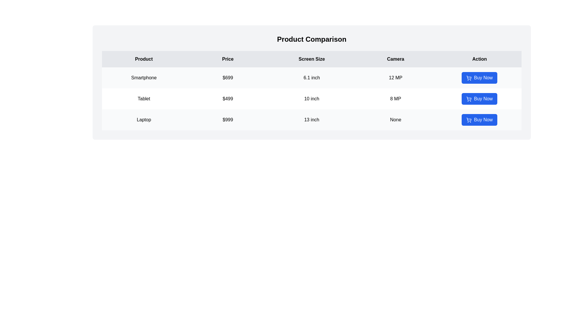 This screenshot has width=561, height=315. I want to click on 'Buy Now' button for the product specified by Tablet, so click(479, 99).